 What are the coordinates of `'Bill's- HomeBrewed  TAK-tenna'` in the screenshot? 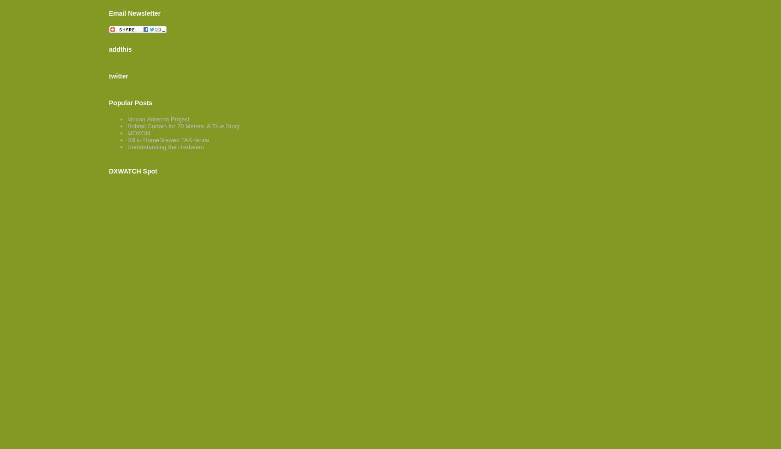 It's located at (127, 140).